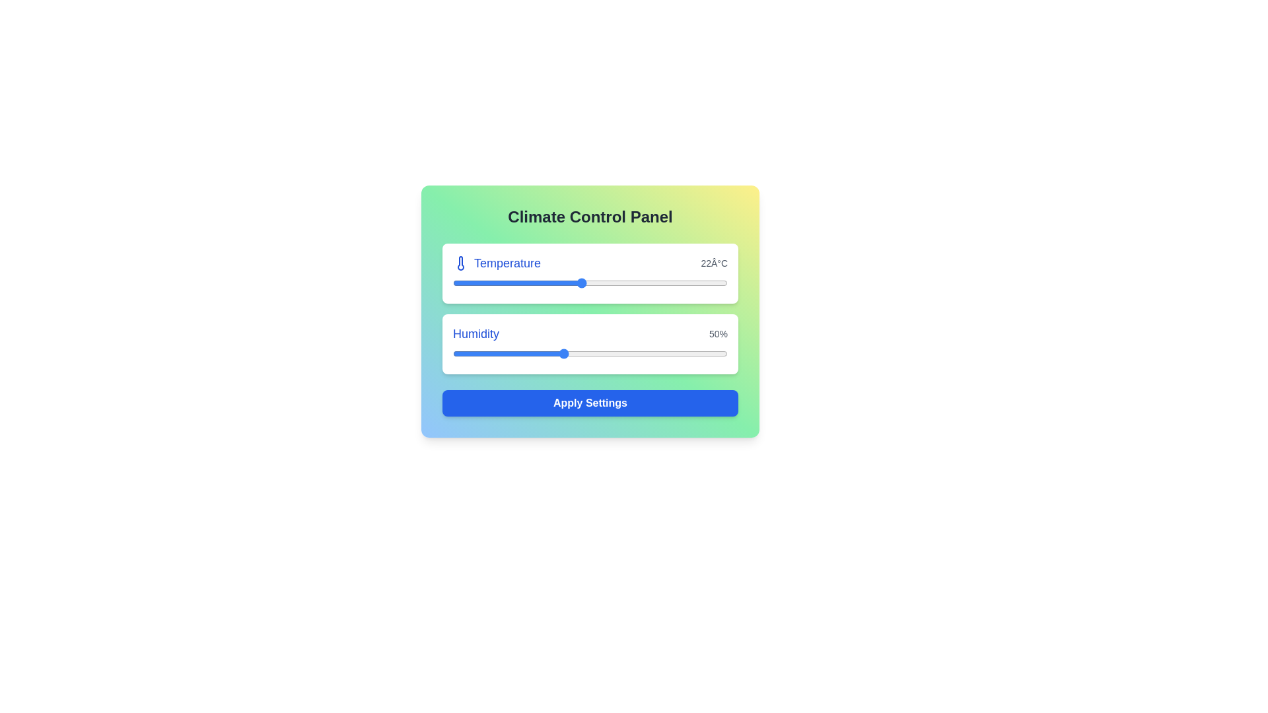 This screenshot has width=1268, height=713. I want to click on the static text label displaying '22Â°C', which is located on the right side of the 'Temperature' section, so click(713, 263).